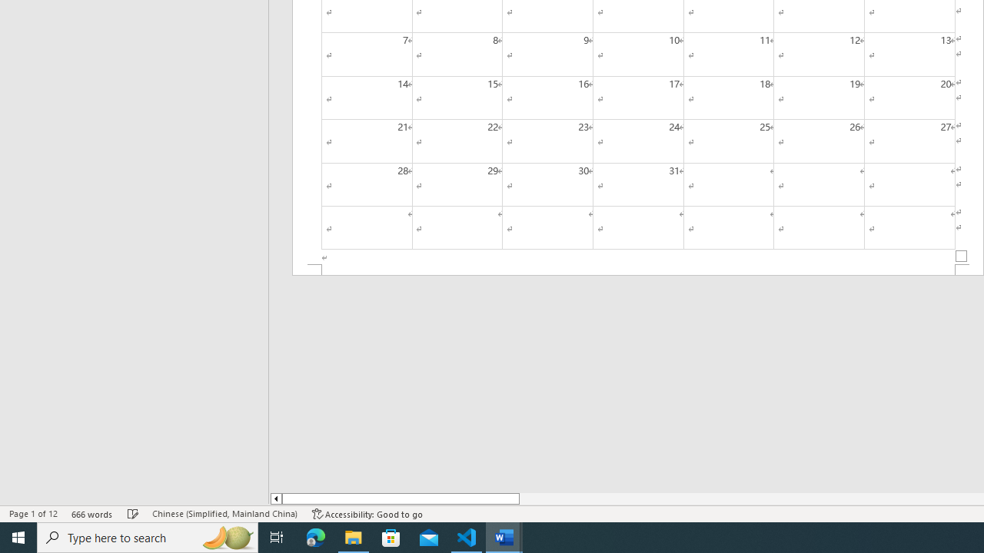  I want to click on 'Spelling and Grammar Check Checking', so click(133, 514).